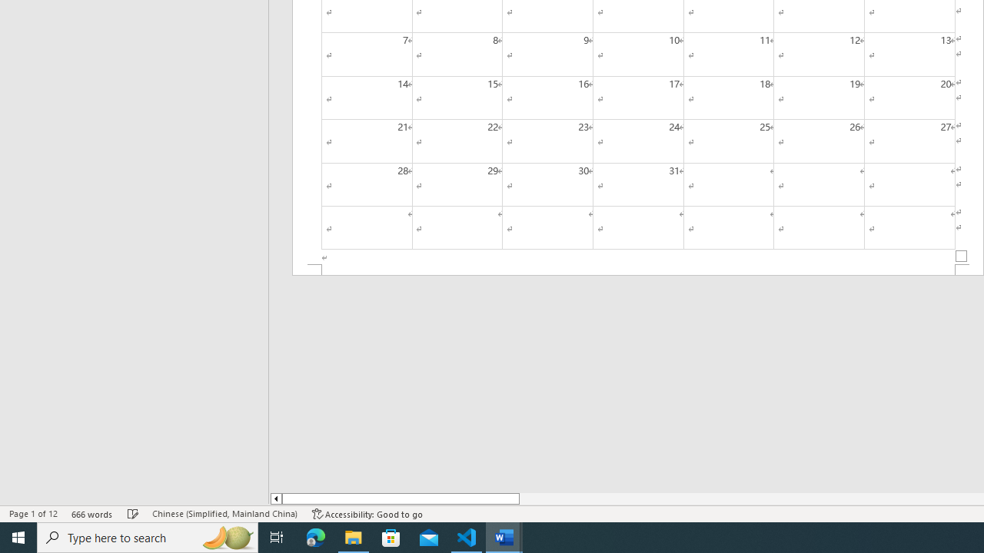  I want to click on 'Spelling and Grammar Check Checking', so click(133, 514).